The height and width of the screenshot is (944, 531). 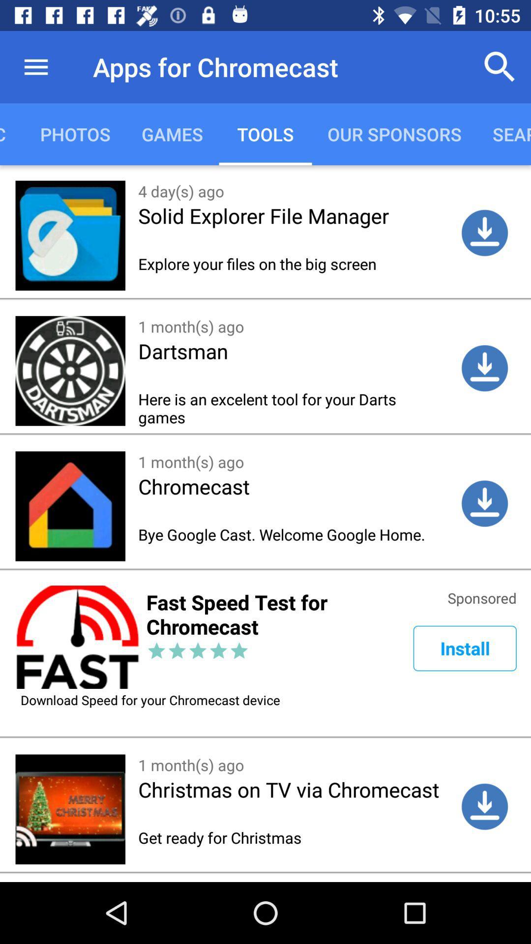 What do you see at coordinates (465, 648) in the screenshot?
I see `the item next to fast speed test icon` at bounding box center [465, 648].